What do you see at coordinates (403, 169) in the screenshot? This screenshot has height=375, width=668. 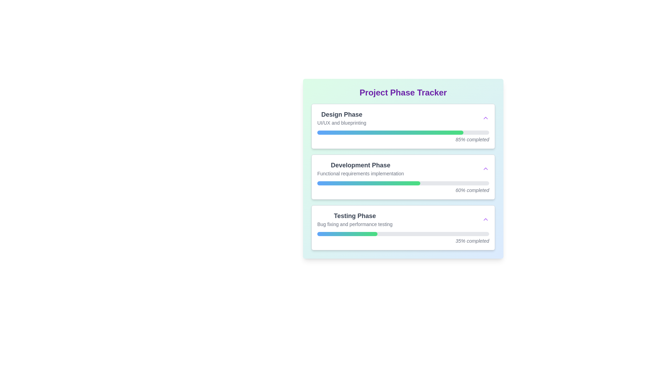 I see `the Progress Display Section which visualizes the progress of the 'Development Phase' in the 'Project Phase Tracker' component` at bounding box center [403, 169].